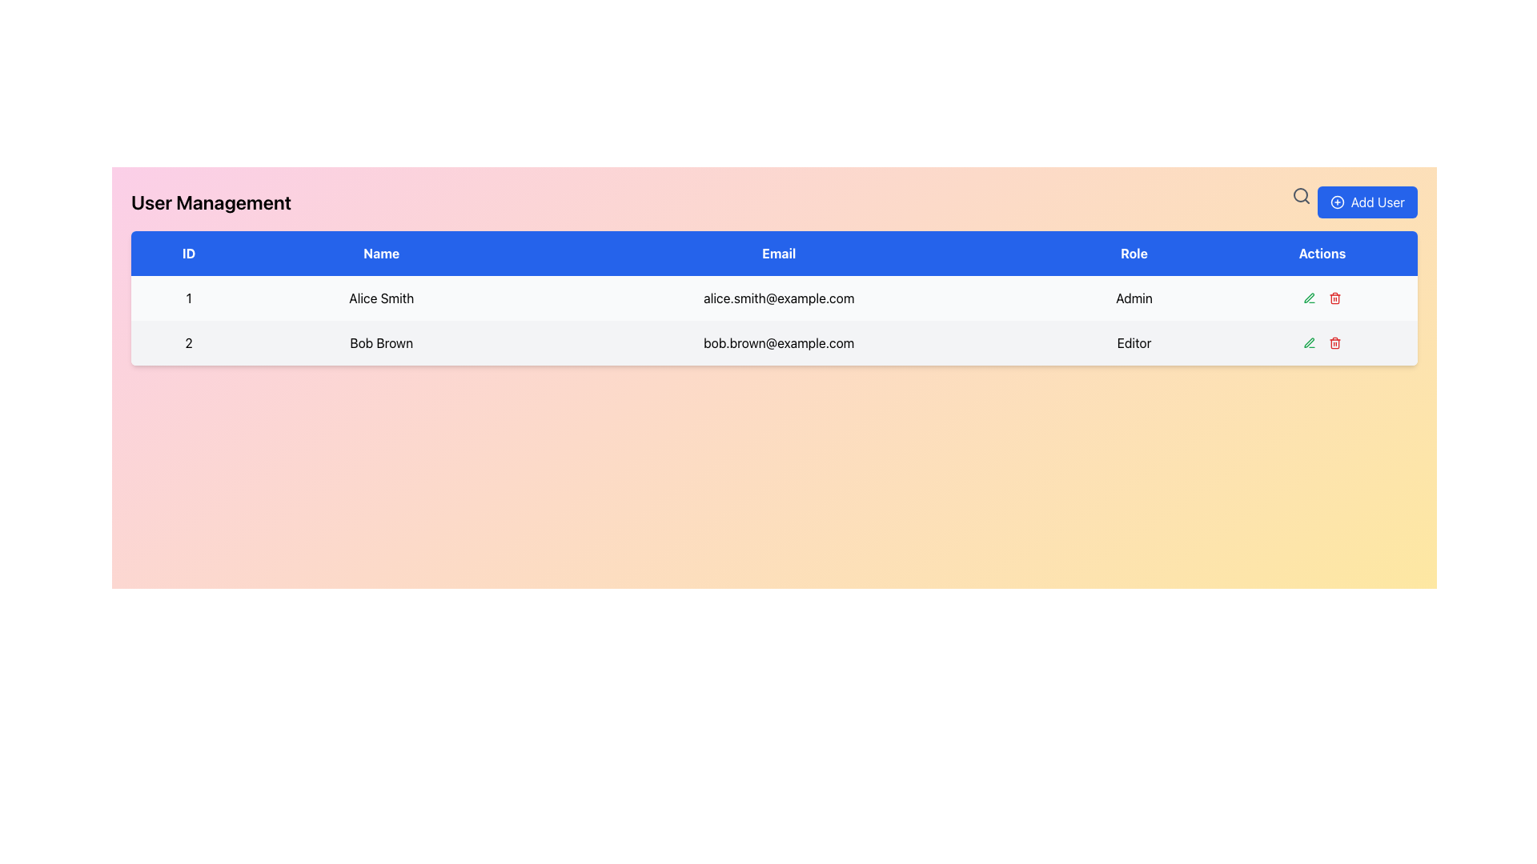 The image size is (1537, 864). Describe the element at coordinates (380, 298) in the screenshot. I see `the static text element displaying 'Alice Smith' in the user management table, located in the second column of the first row` at that location.